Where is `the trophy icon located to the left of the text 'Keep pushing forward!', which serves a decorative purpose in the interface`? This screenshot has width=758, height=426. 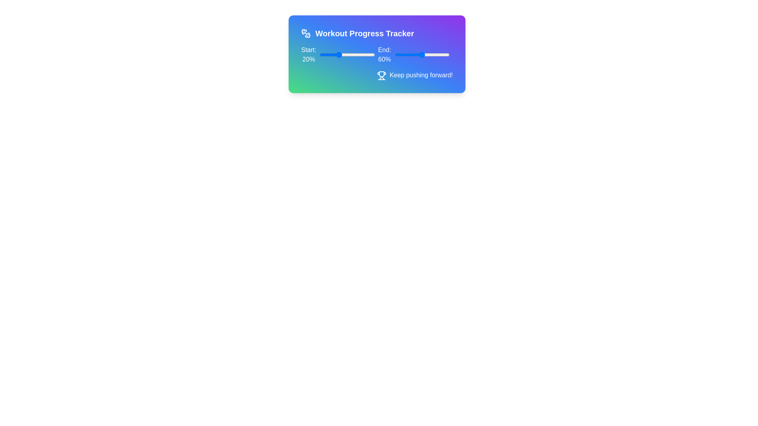
the trophy icon located to the left of the text 'Keep pushing forward!', which serves a decorative purpose in the interface is located at coordinates (381, 75).